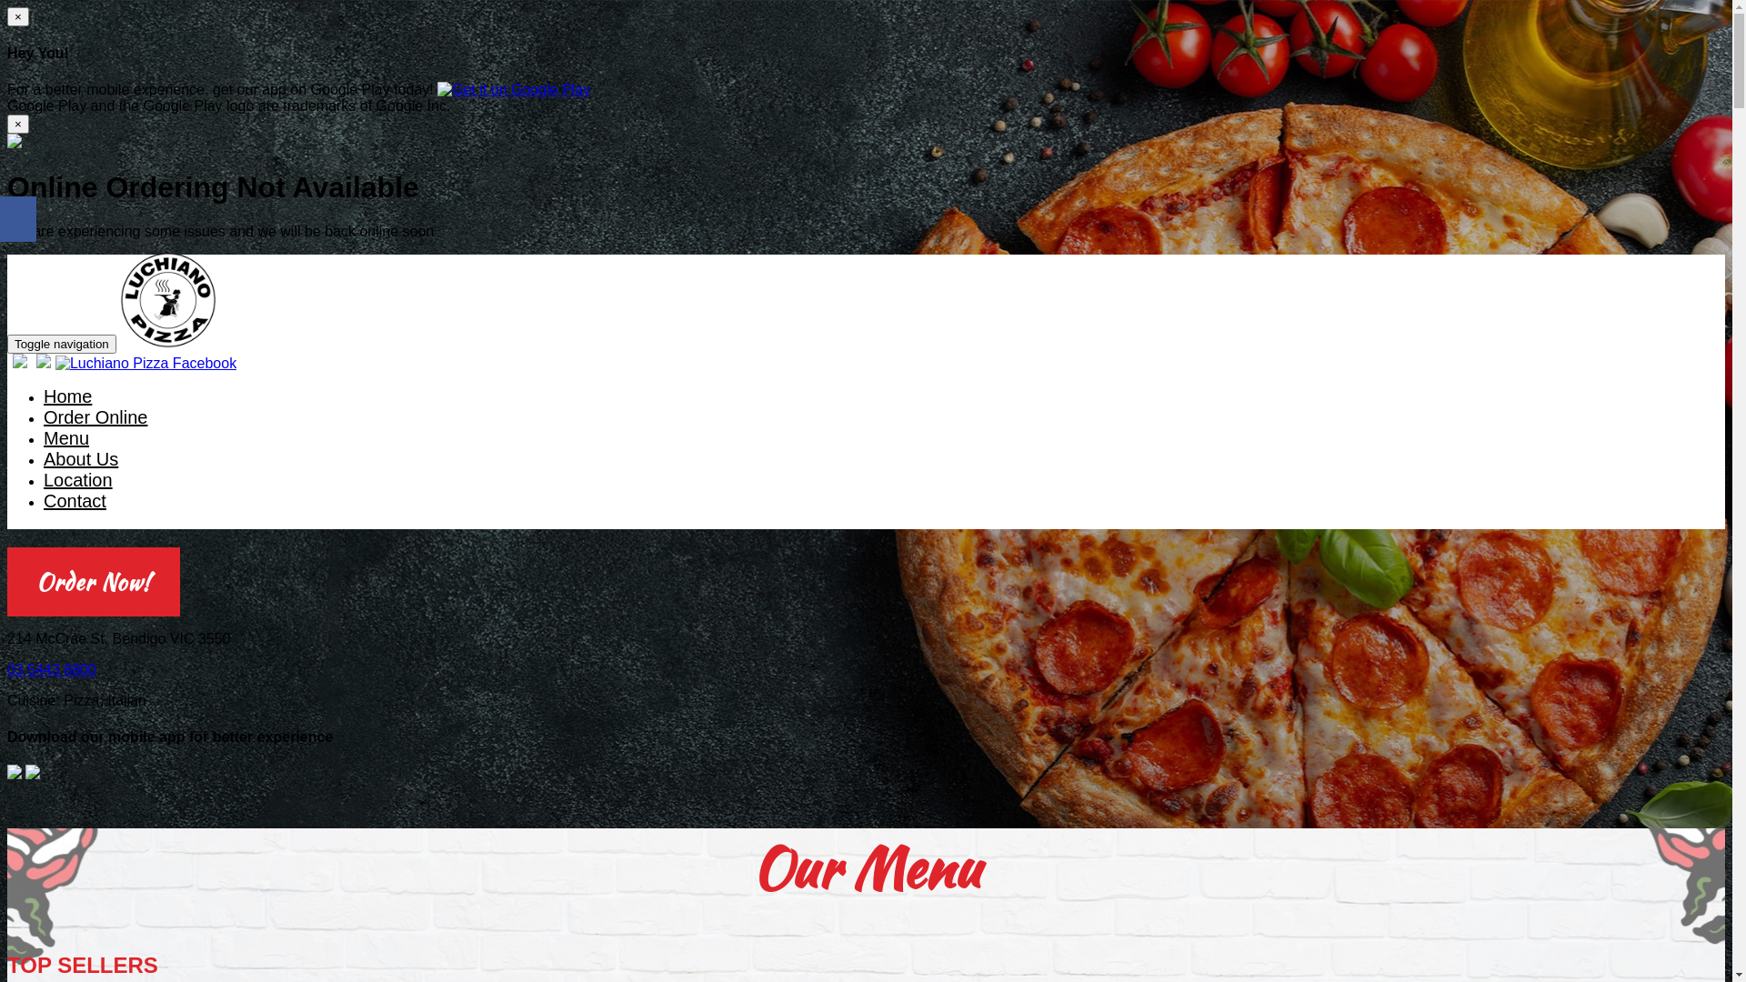 The width and height of the screenshot is (1746, 982). Describe the element at coordinates (65, 439) in the screenshot. I see `'Menu'` at that location.